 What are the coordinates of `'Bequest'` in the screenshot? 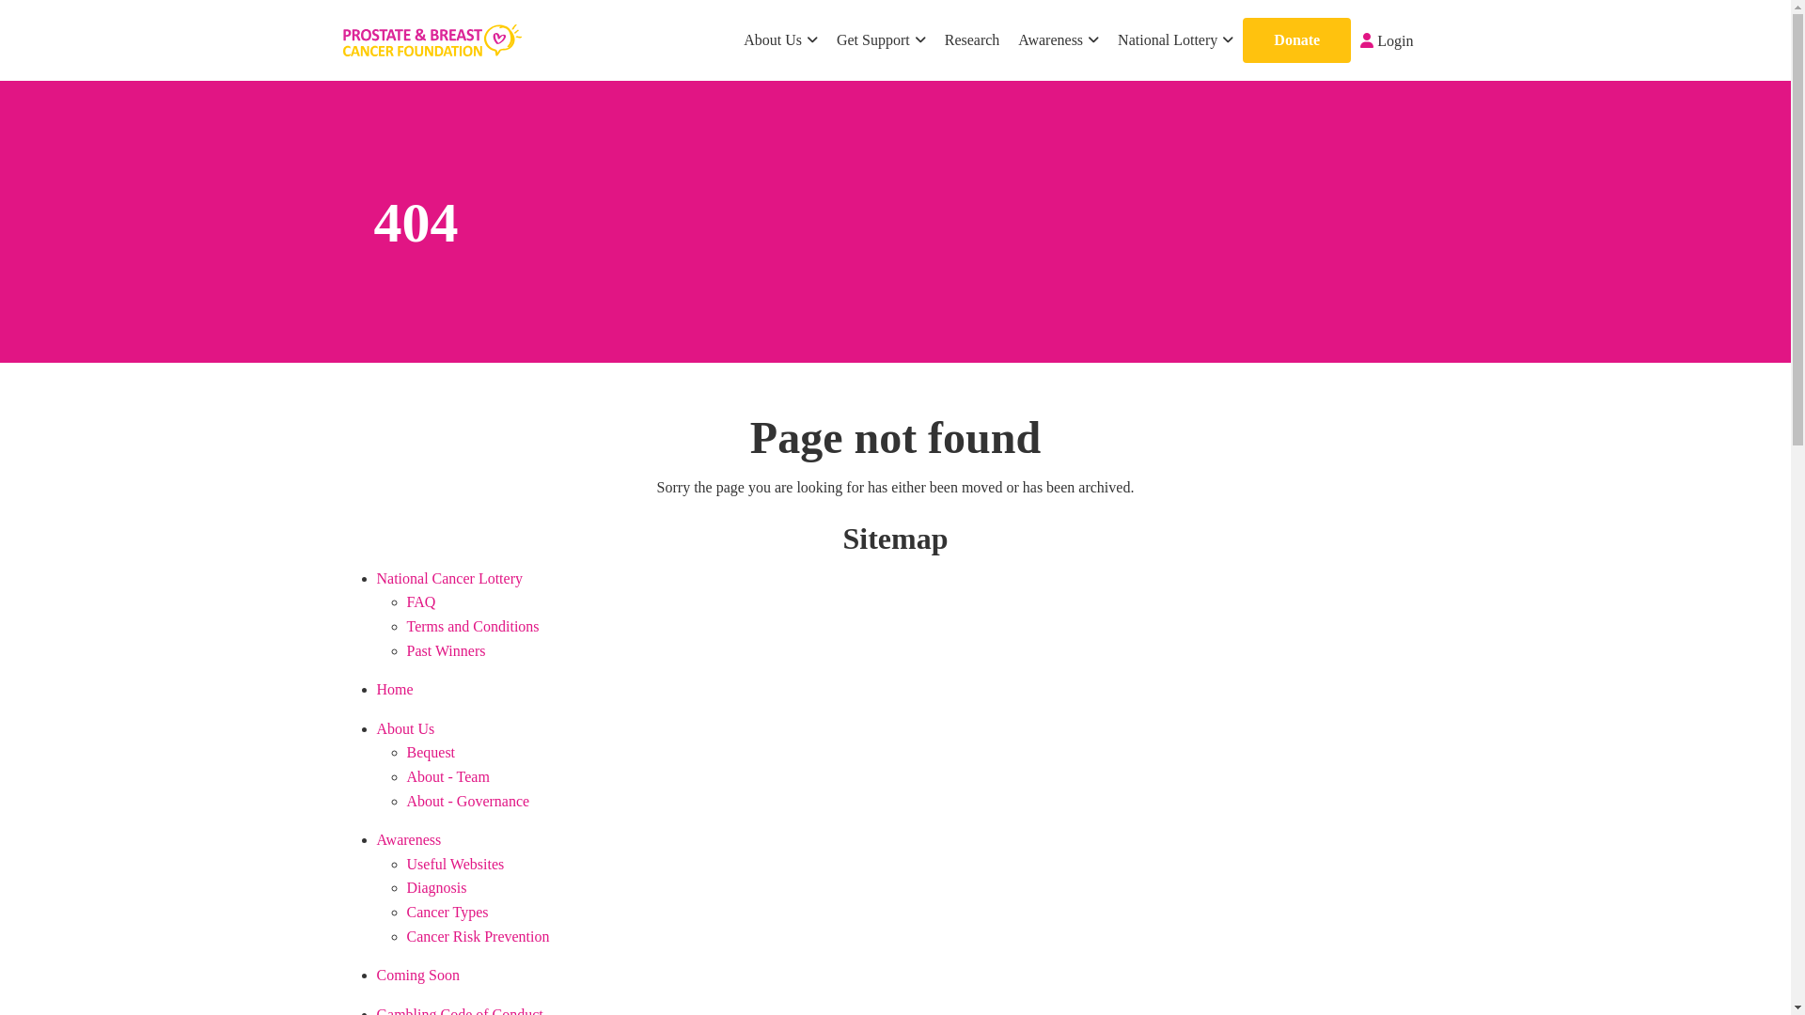 It's located at (429, 751).